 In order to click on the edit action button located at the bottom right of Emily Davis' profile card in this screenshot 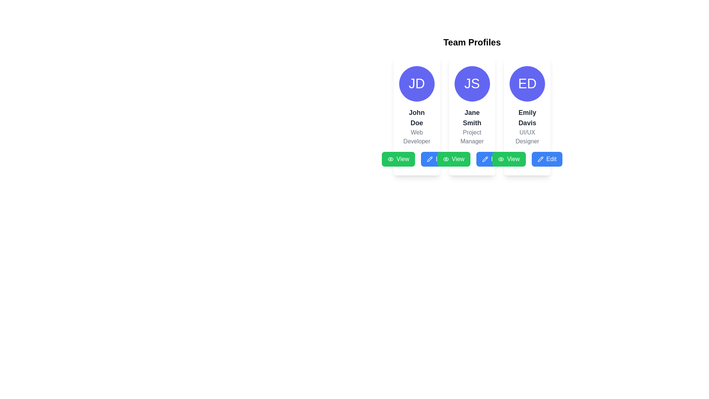, I will do `click(551, 159)`.